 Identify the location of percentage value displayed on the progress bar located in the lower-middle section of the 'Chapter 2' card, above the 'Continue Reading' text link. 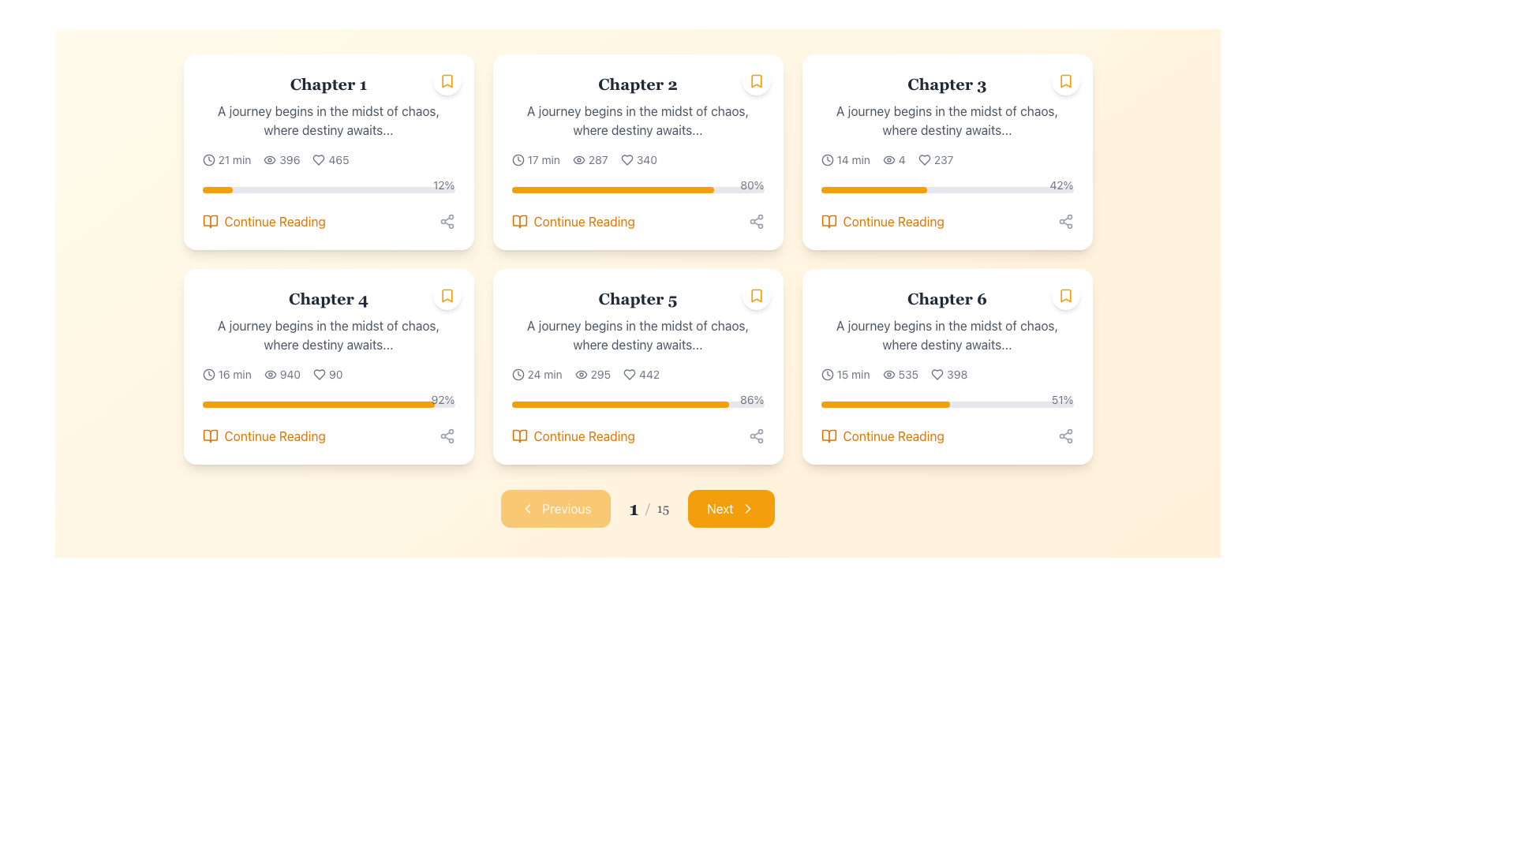
(638, 185).